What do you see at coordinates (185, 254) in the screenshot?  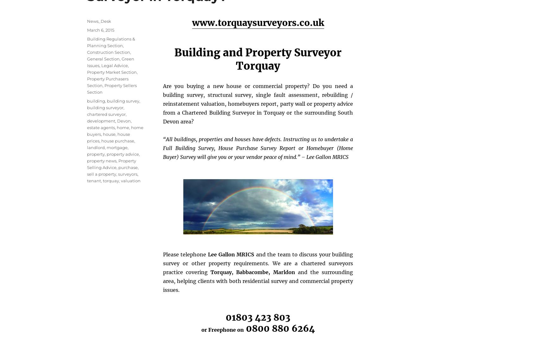 I see `'Please telephone'` at bounding box center [185, 254].